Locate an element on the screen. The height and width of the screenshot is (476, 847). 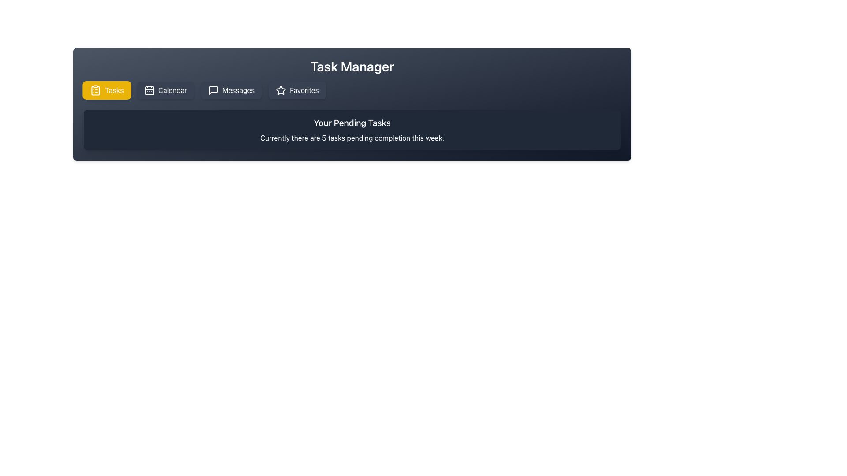
the 'Messages' button, which has a dark gray background and rounded corners is located at coordinates (231, 90).